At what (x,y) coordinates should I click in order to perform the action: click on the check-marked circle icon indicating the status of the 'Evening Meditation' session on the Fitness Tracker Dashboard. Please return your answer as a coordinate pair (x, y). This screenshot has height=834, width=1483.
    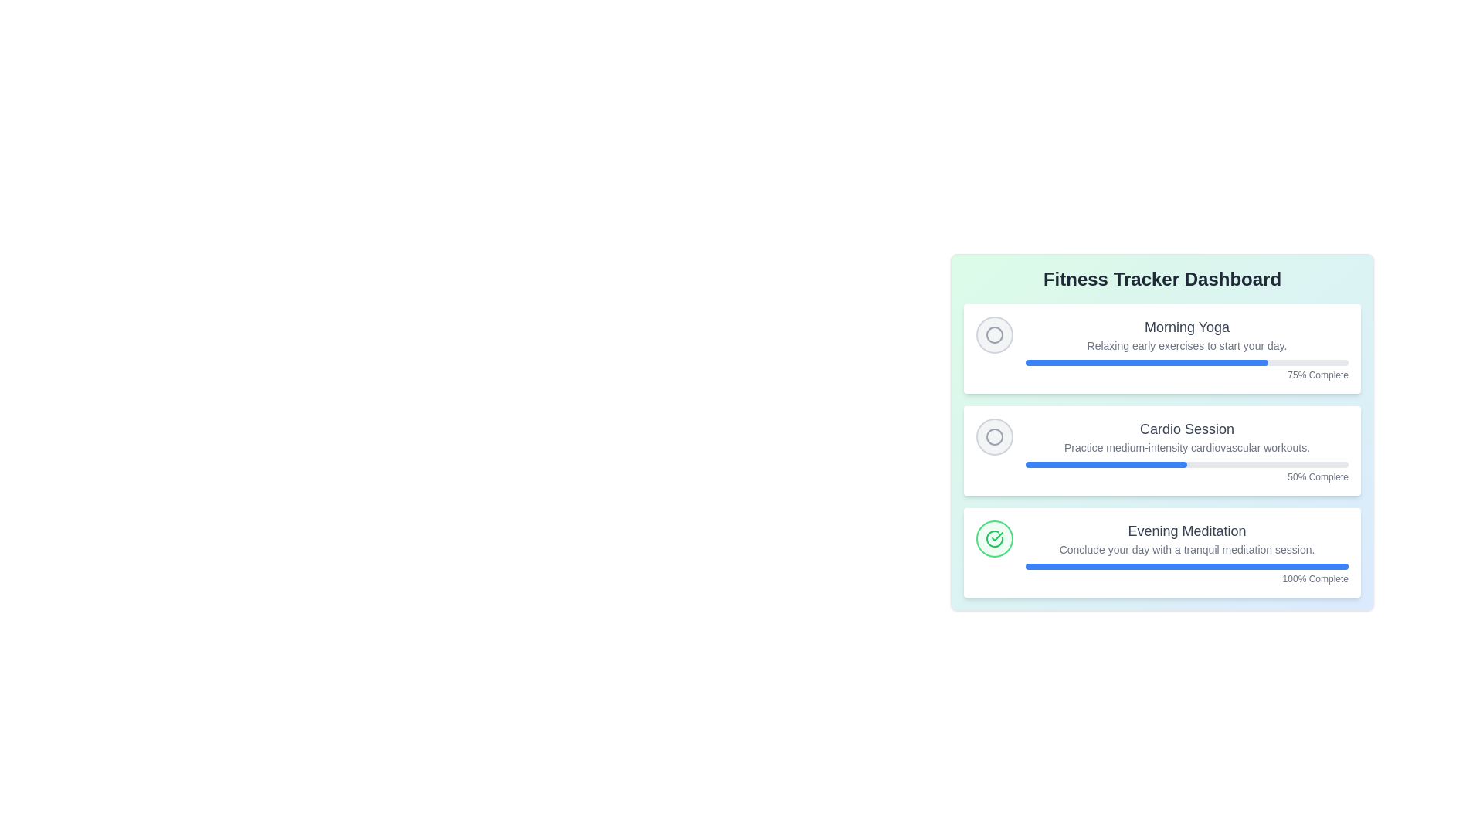
    Looking at the image, I should click on (994, 538).